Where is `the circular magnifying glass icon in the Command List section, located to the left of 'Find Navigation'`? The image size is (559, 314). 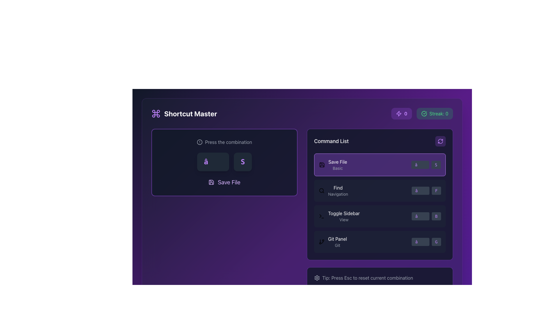 the circular magnifying glass icon in the Command List section, located to the left of 'Find Navigation' is located at coordinates (321, 190).